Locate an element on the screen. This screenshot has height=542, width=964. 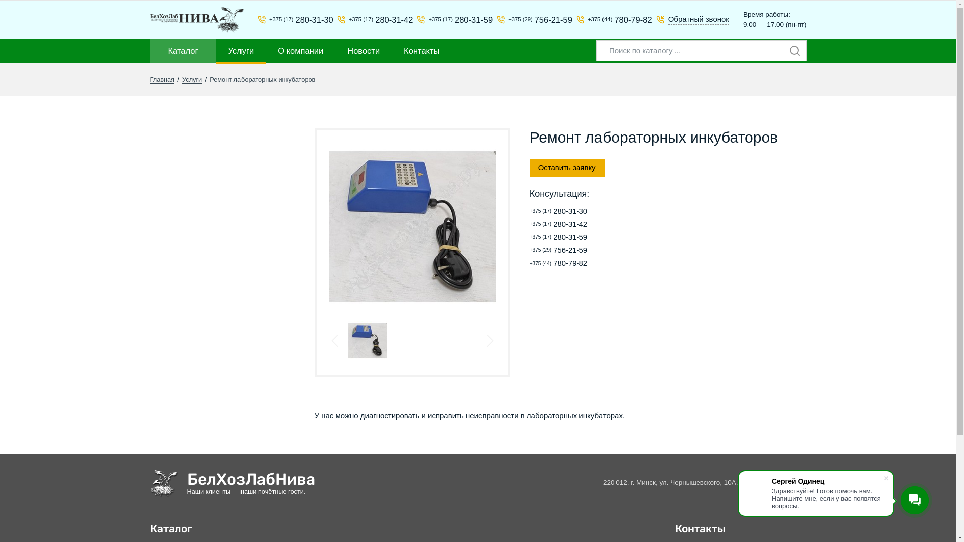
'+375 (44) is located at coordinates (576, 20).